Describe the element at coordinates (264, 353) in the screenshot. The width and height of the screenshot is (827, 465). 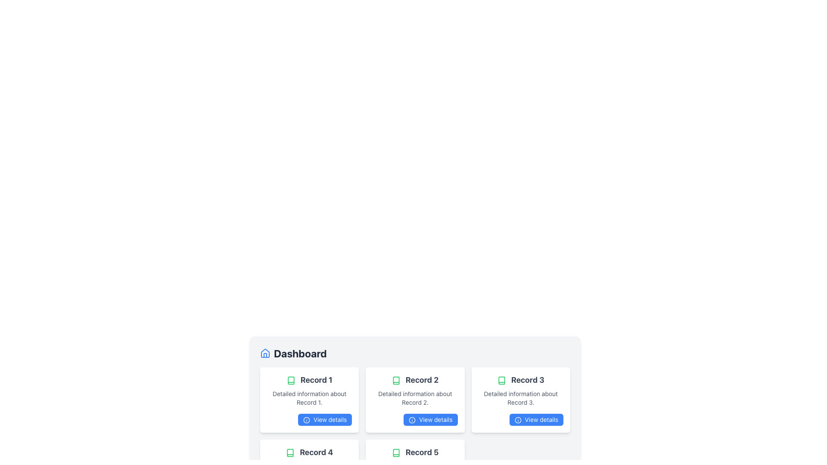
I see `the dashboard icon that serves as a visual marker for navigation, located at the top-left of the main content area` at that location.